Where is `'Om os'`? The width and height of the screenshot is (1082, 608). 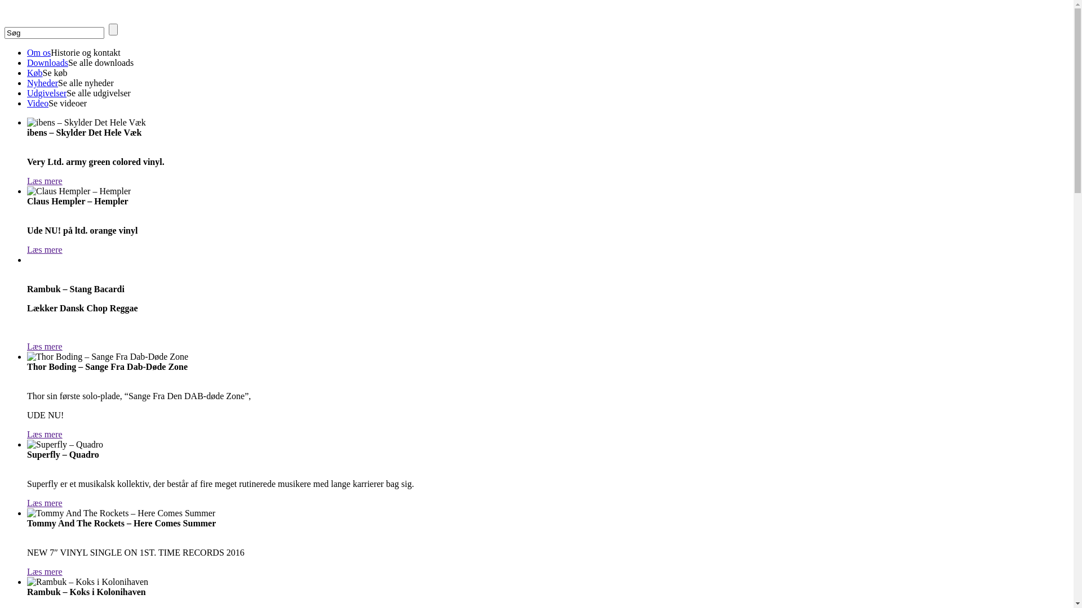
'Om os' is located at coordinates (38, 52).